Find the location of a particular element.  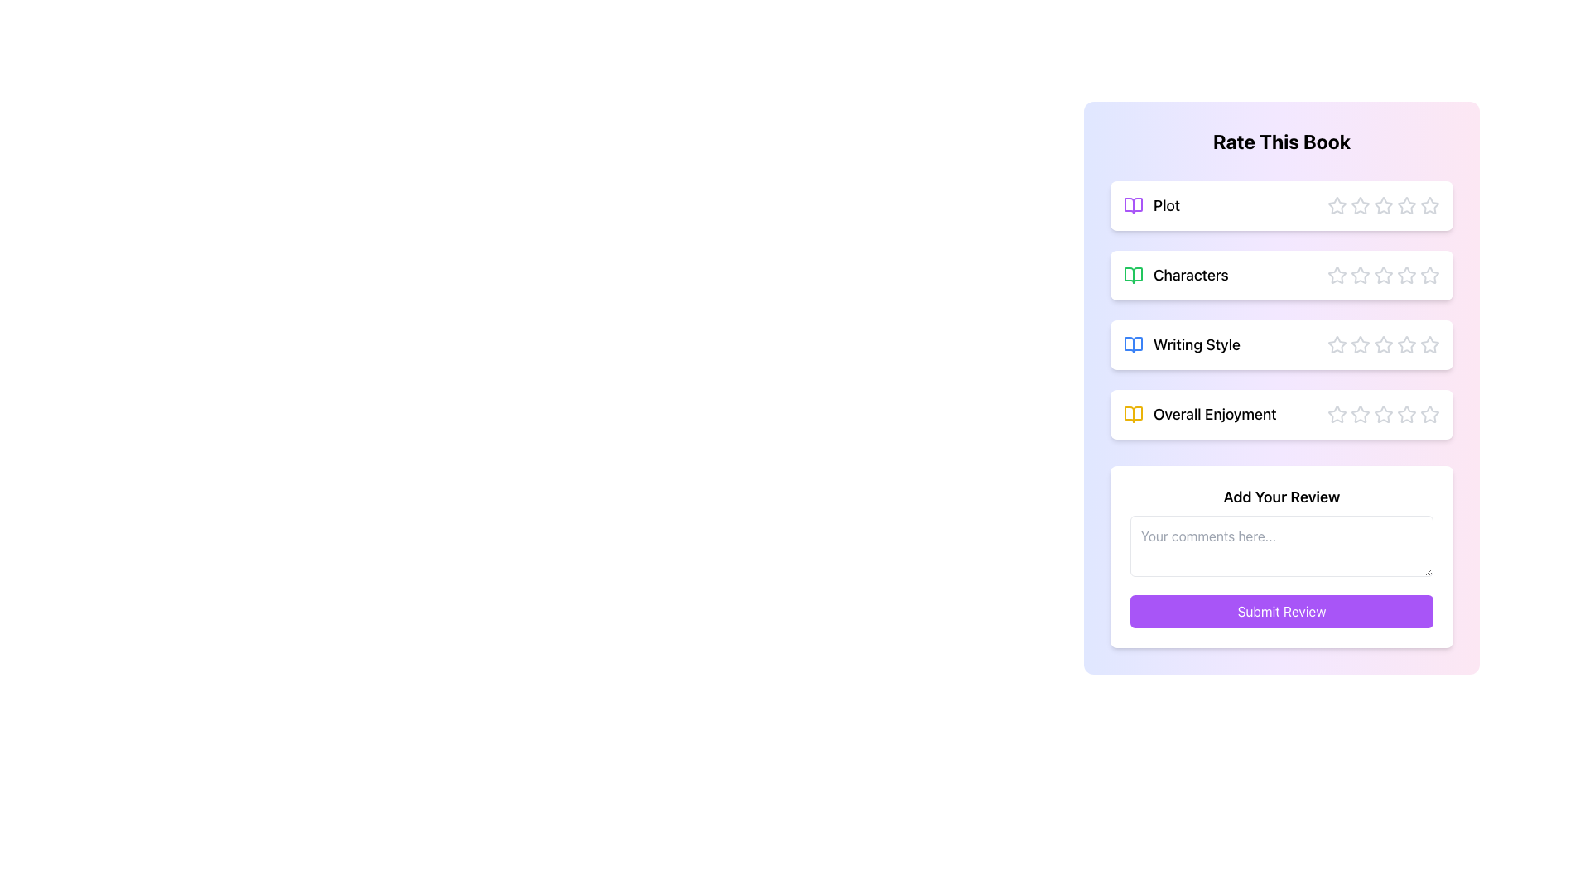

the third star in the 'Rate This Book' section next to the label 'Plot', which is currently inactive with a gray outline is located at coordinates (1383, 205).